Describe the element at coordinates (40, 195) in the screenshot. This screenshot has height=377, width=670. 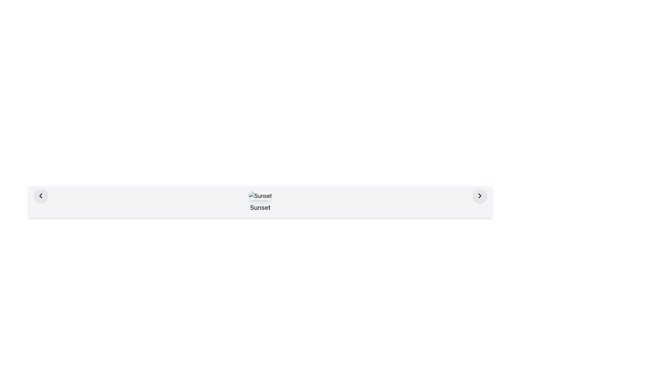
I see `the left arrow icon located at the very left edge of the horizontally-aligned interface component` at that location.